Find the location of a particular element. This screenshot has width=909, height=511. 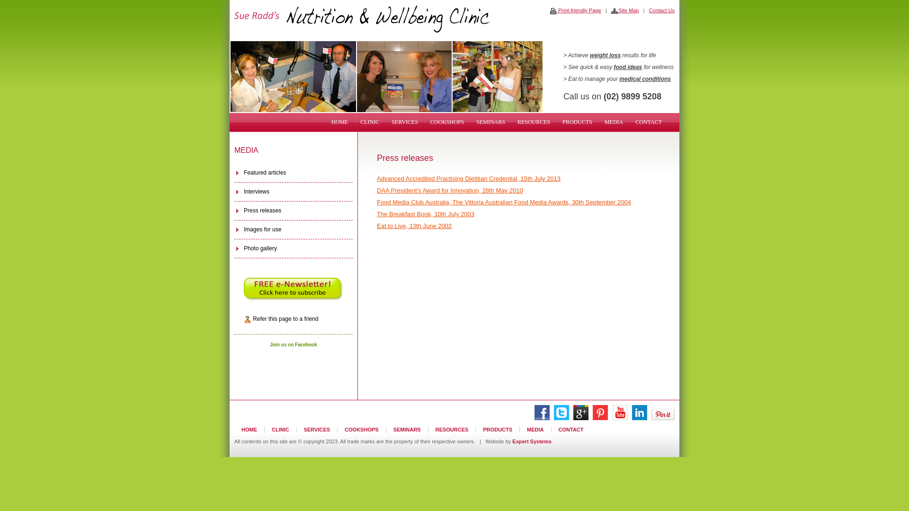

'food ideas' is located at coordinates (627, 67).